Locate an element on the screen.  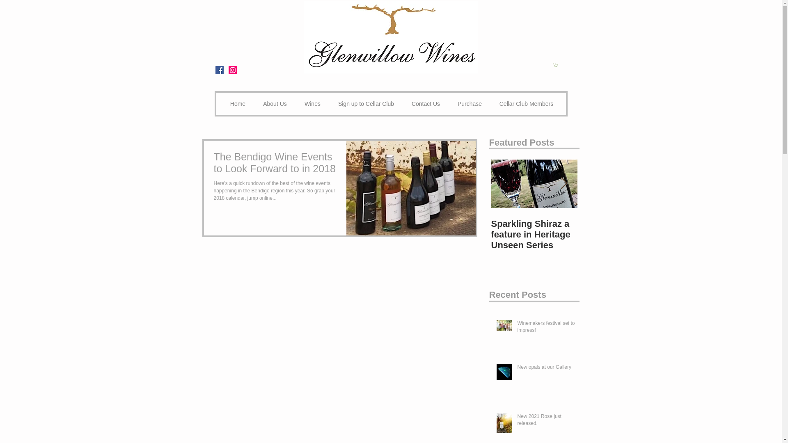
'New 2021 Rose just released.' is located at coordinates (546, 422).